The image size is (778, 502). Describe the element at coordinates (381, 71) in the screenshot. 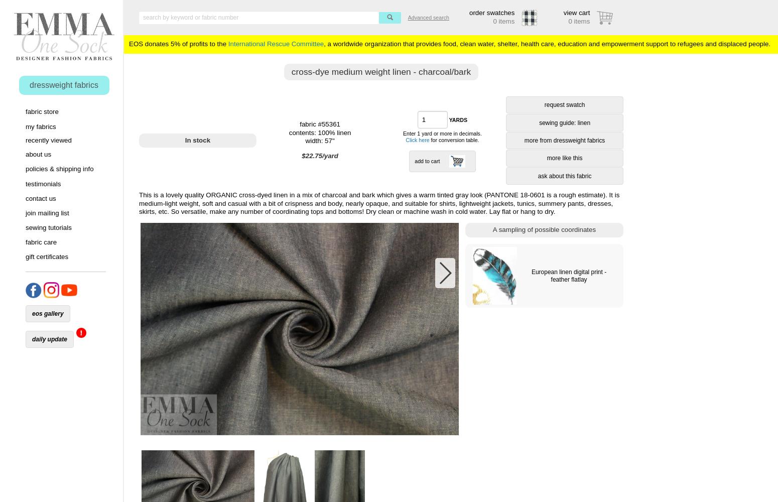

I see `'cross-dye medium weight linen - charcoal/bark'` at that location.